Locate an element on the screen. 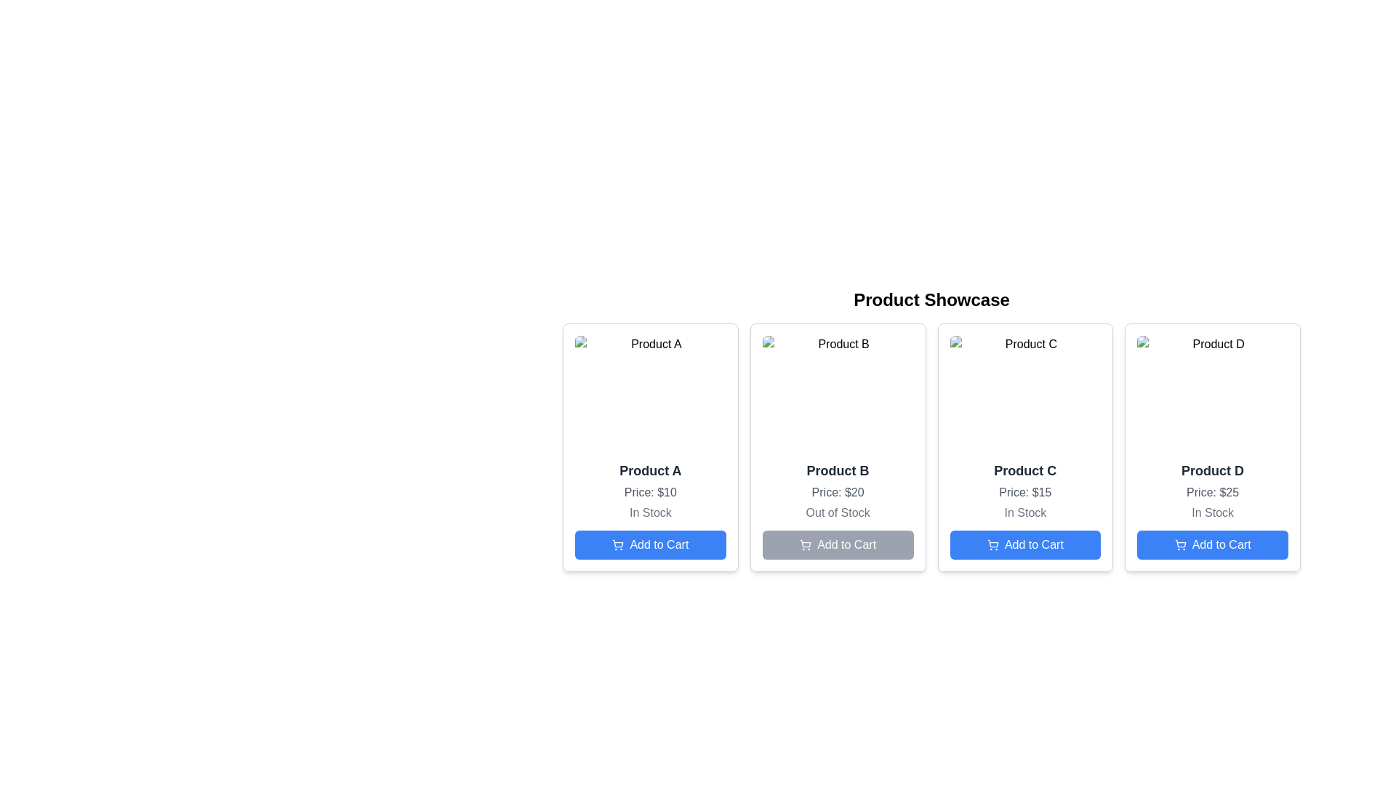  the 'Add to Cart' button for 'Product C', which is a rectangular button with rounded corners, a bright blue background, and white text is located at coordinates (1024, 544).